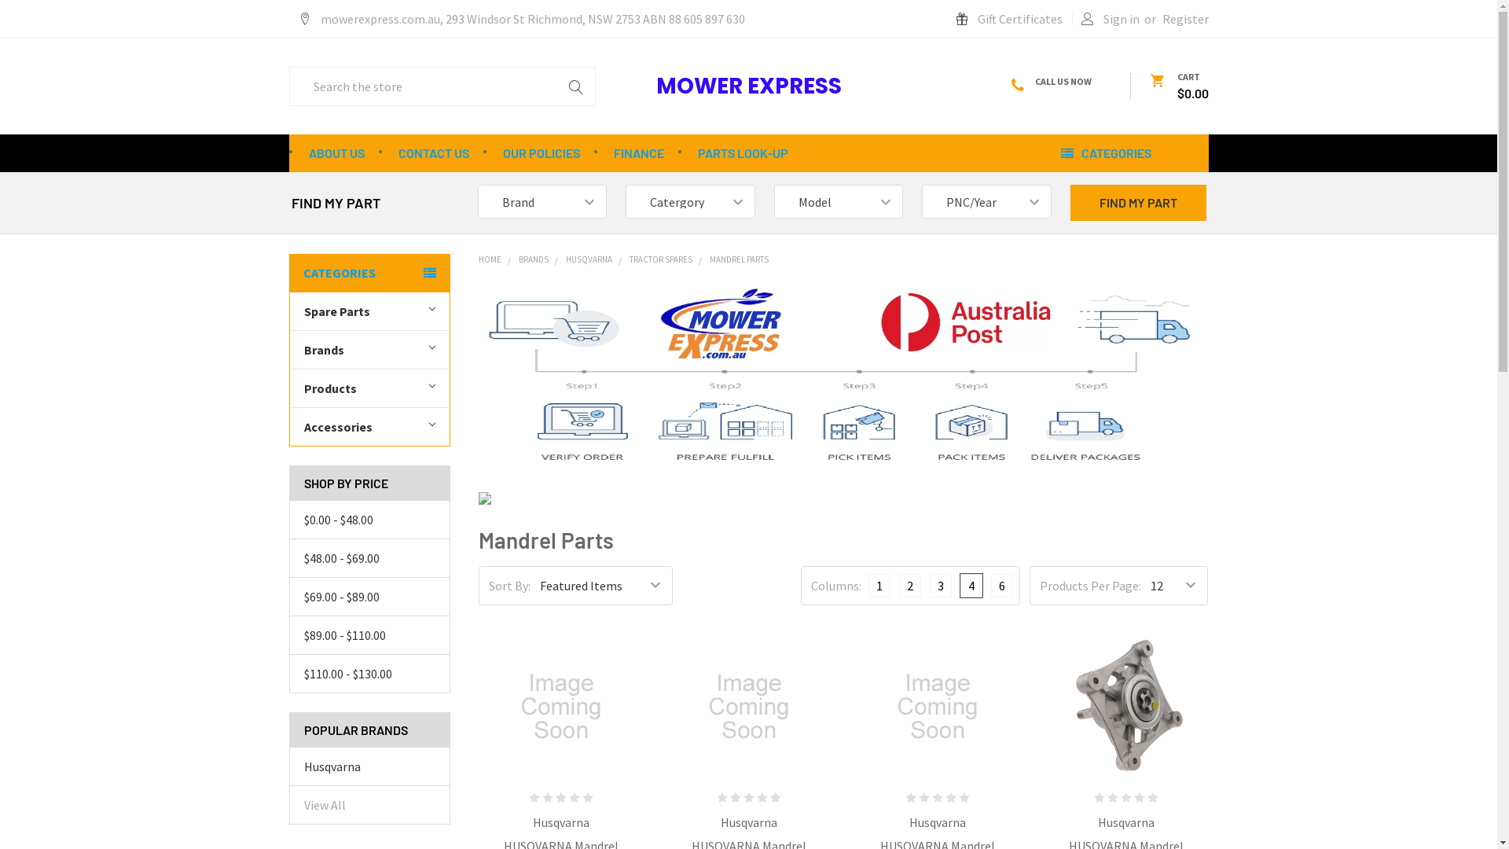  I want to click on 'MANDREL PARTS', so click(738, 259).